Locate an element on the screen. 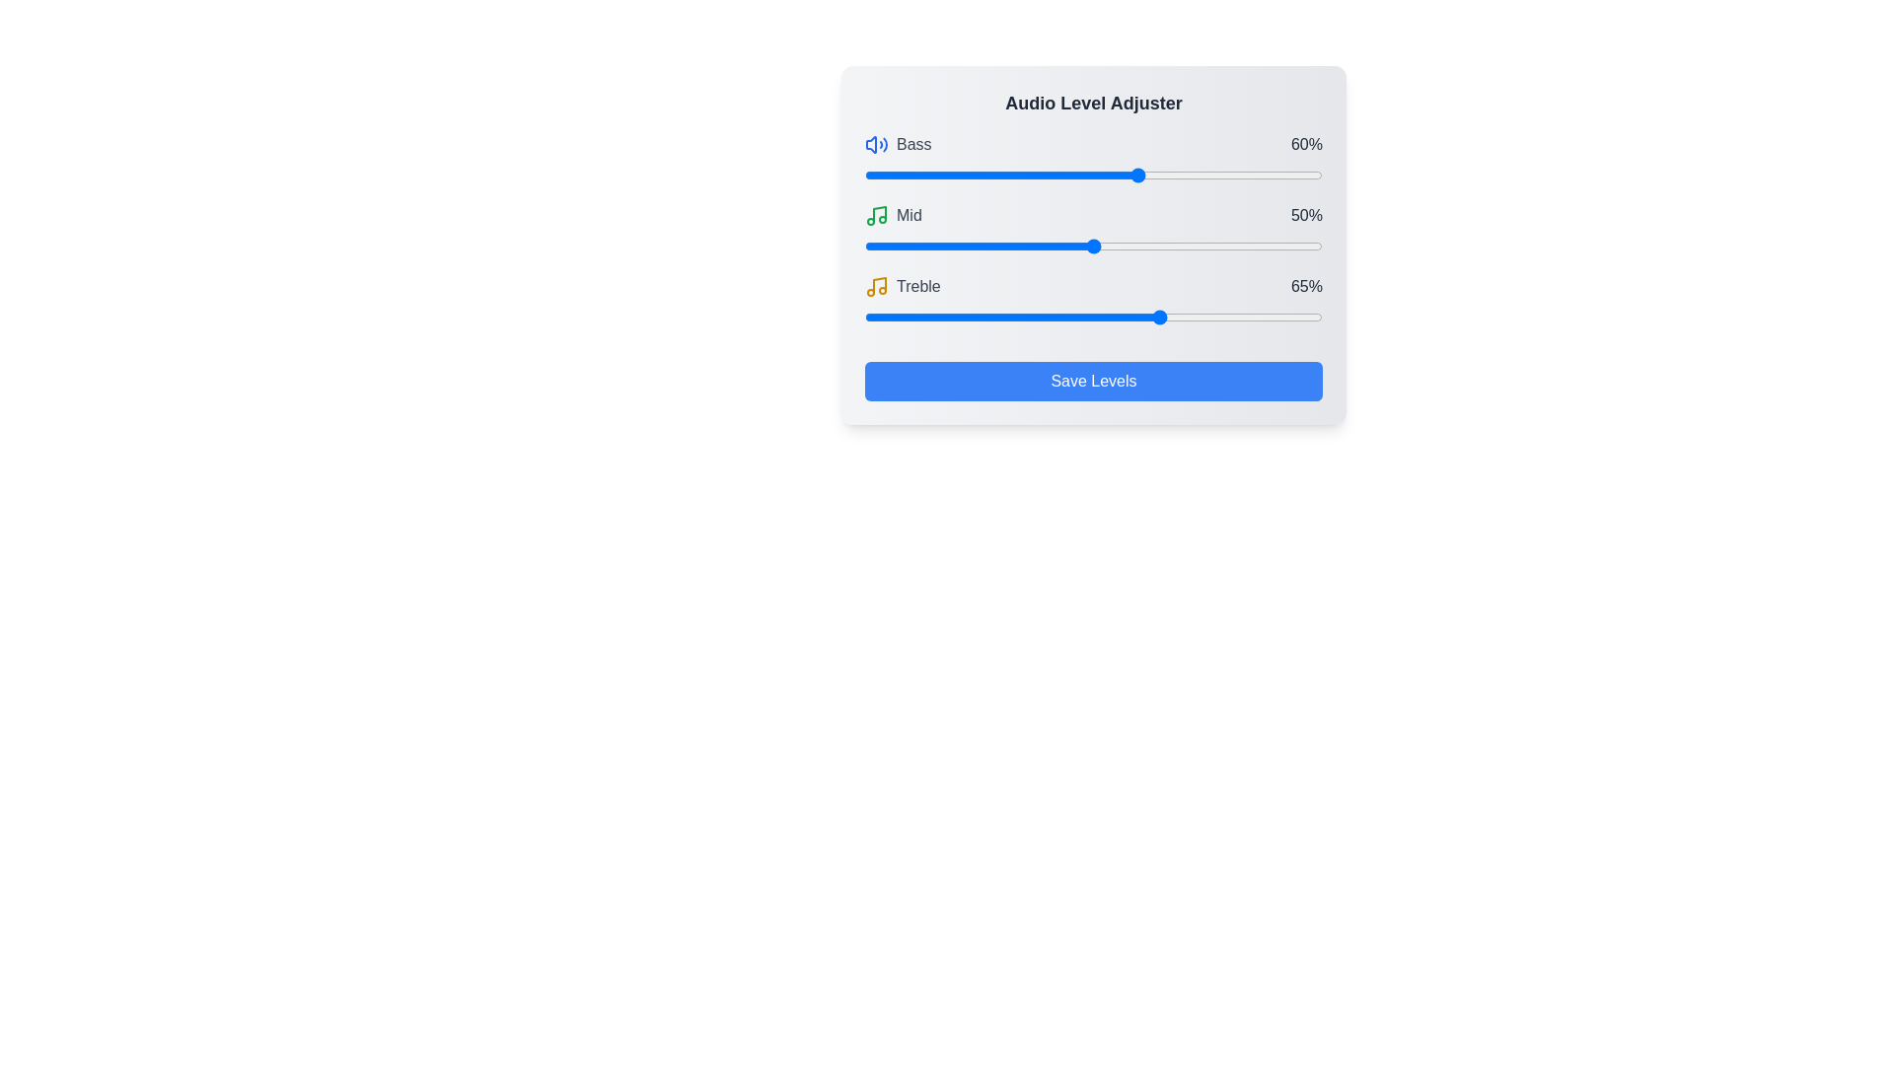 Image resolution: width=1894 pixels, height=1065 pixels. the Static information display element labeled 'Bass' showing '60%' is located at coordinates (1092, 143).